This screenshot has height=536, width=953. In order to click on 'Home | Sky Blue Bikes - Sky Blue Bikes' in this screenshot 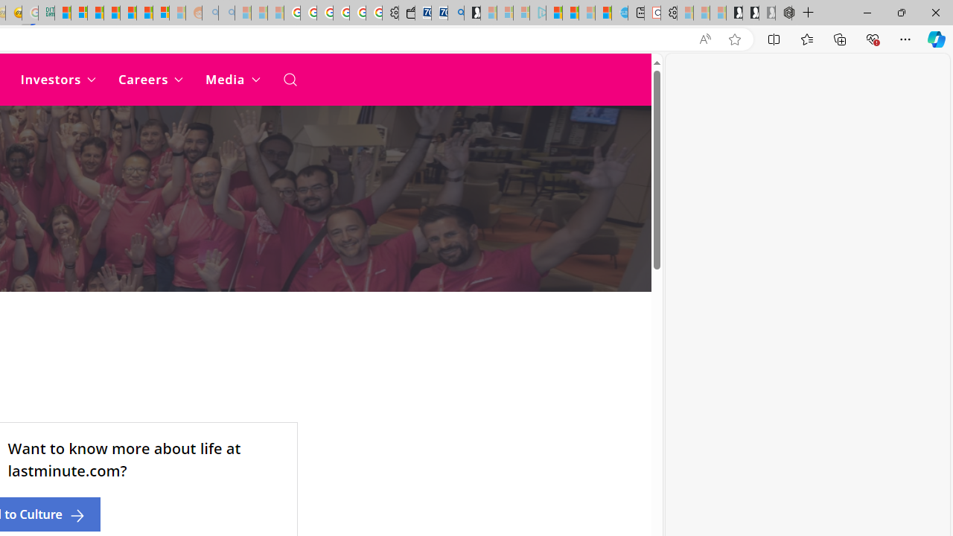, I will do `click(619, 13)`.